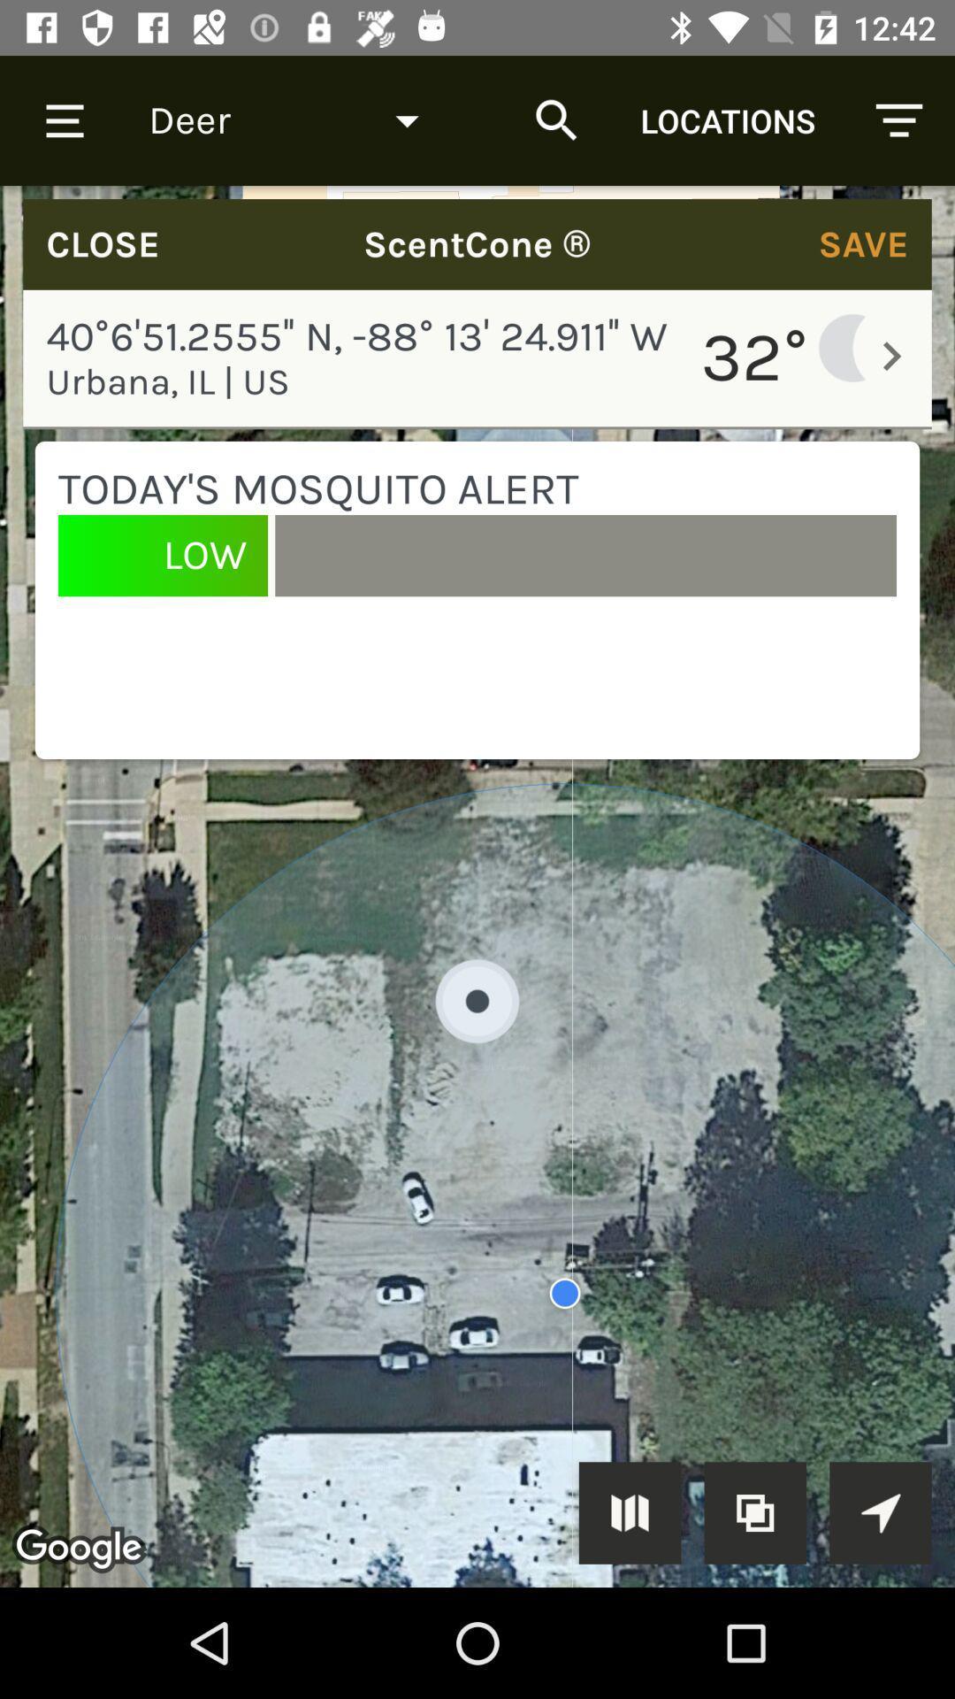 The image size is (955, 1699). What do you see at coordinates (880, 1511) in the screenshot?
I see `center map on your location` at bounding box center [880, 1511].